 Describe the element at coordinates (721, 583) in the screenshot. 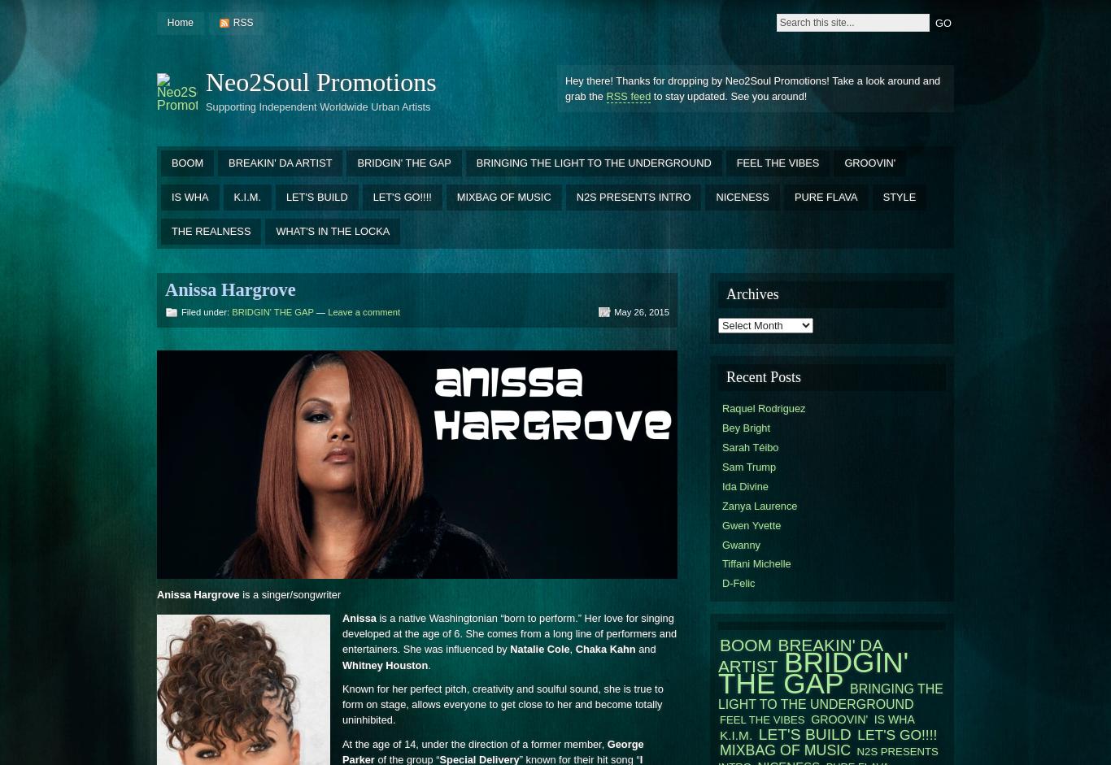

I see `'D-Felic'` at that location.